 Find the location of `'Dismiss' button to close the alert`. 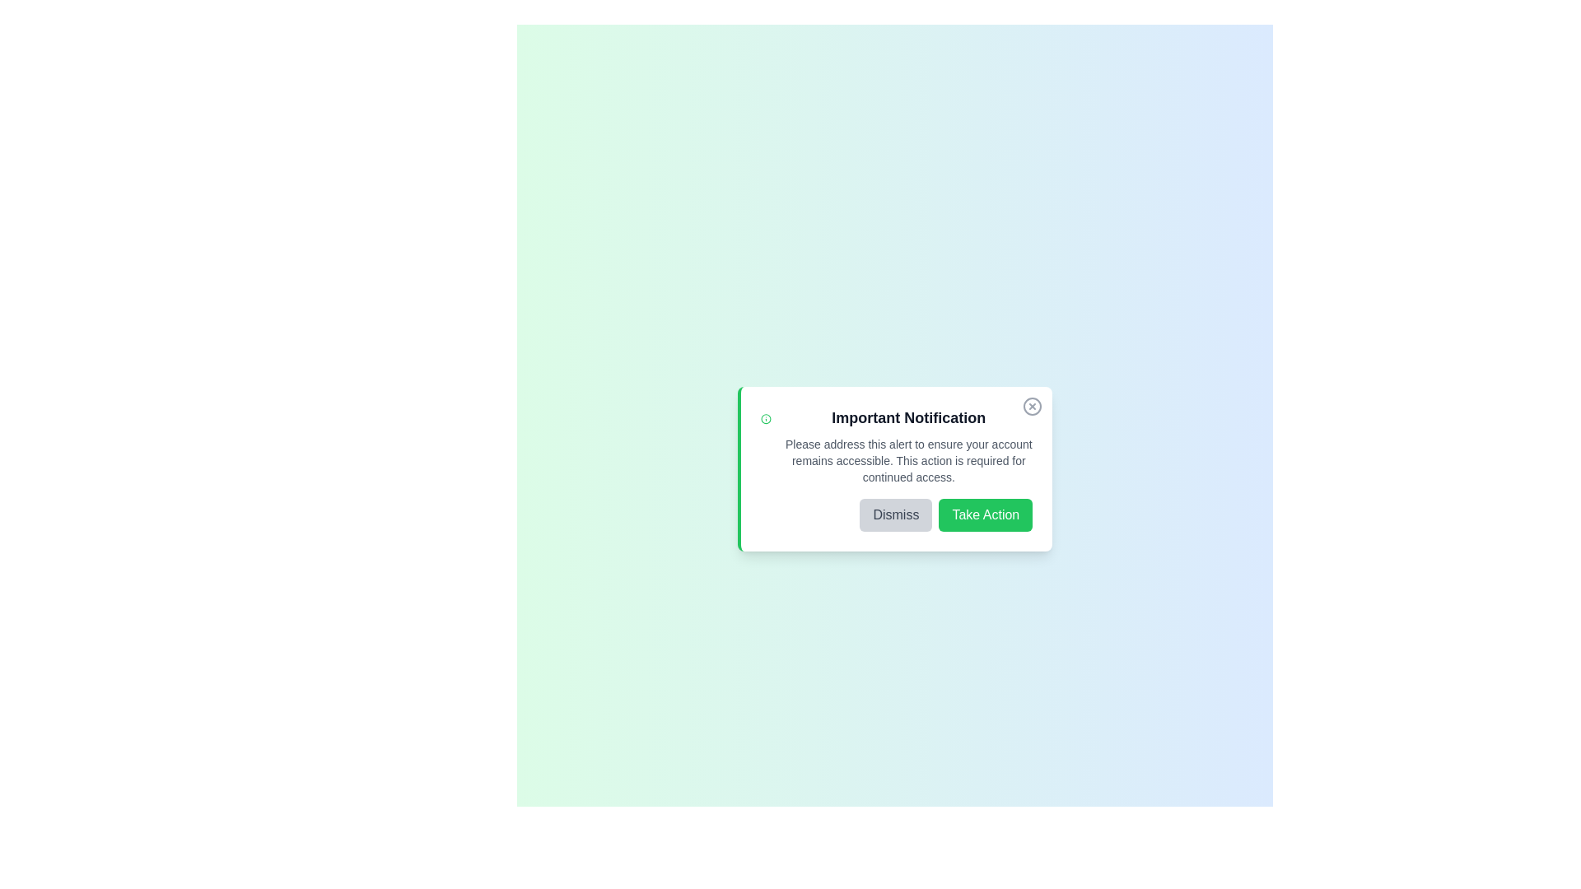

'Dismiss' button to close the alert is located at coordinates (895, 514).